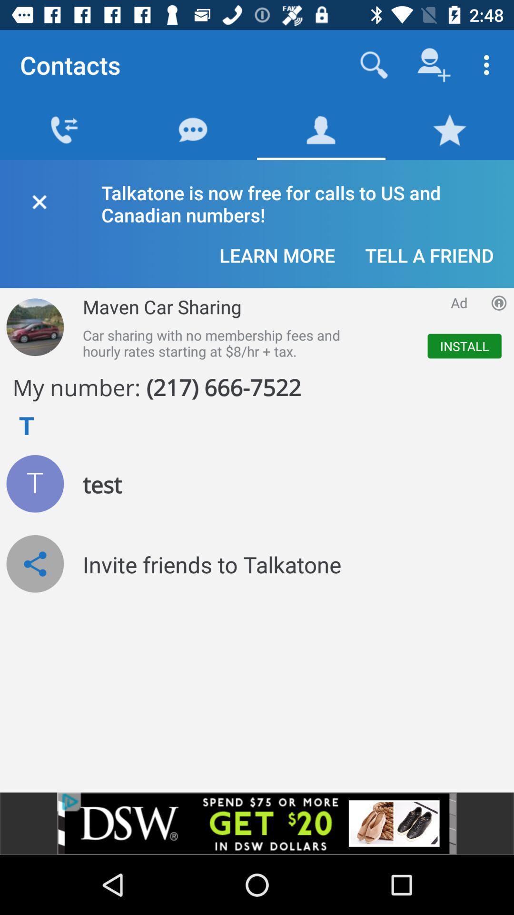 This screenshot has width=514, height=915. What do you see at coordinates (257, 823) in the screenshot?
I see `advertisement` at bounding box center [257, 823].